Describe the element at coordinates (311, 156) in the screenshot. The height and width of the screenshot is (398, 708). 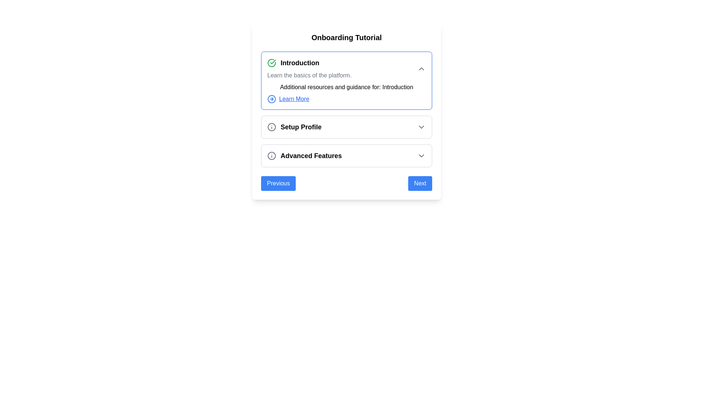
I see `the 'Advanced Features' text label, which serves as a section title and is centrally positioned within the third section of the modal layout, below the 'Setup Profile' section` at that location.